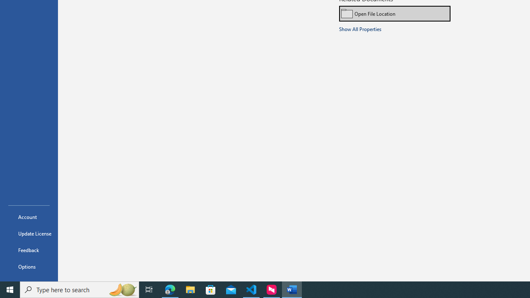 Image resolution: width=530 pixels, height=298 pixels. I want to click on 'Account', so click(29, 216).